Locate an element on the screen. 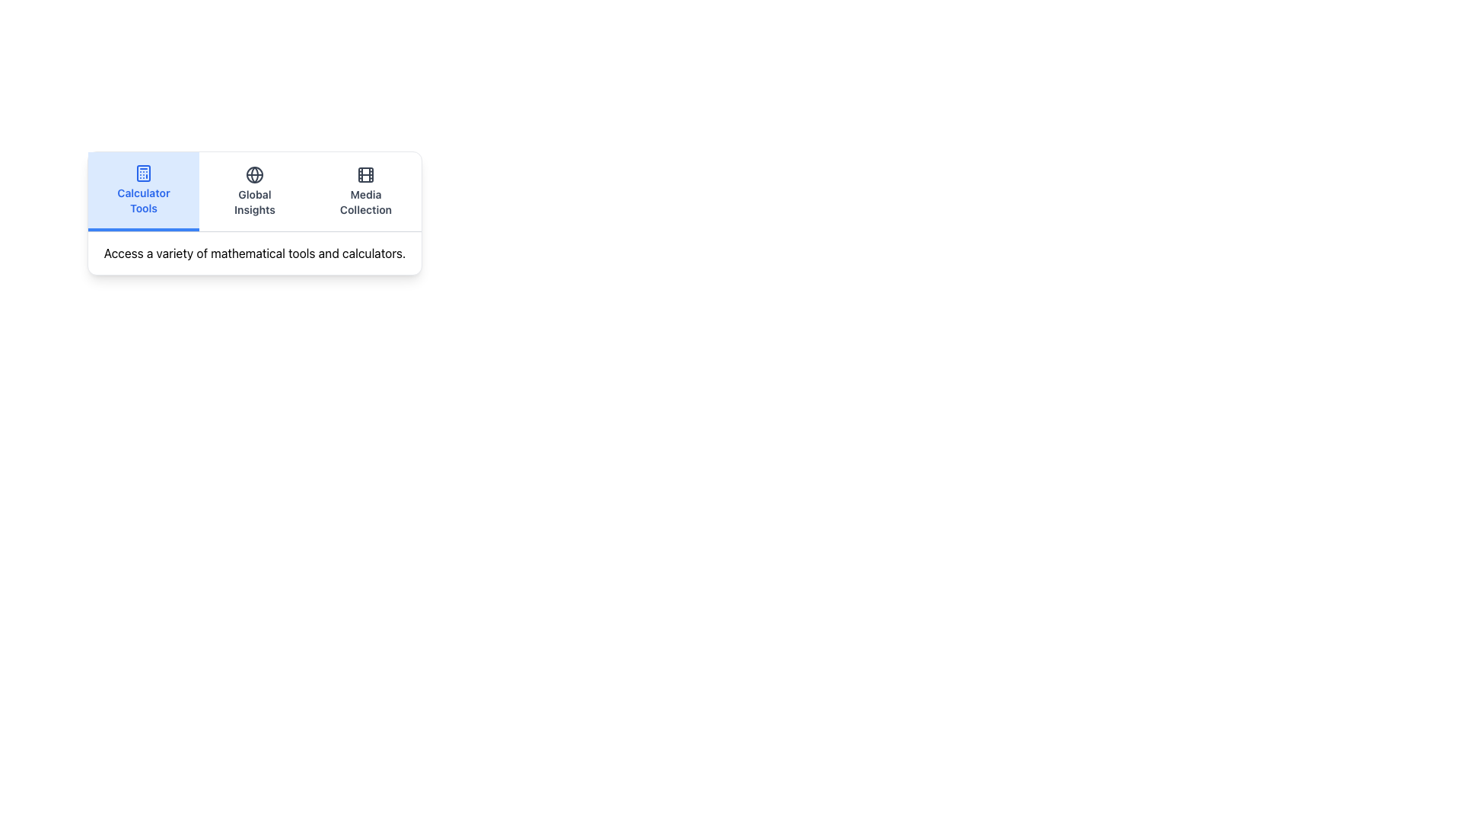  the 'Calculator Tools' icon, which is the first element in the horizontal row of options above its text label is located at coordinates (143, 172).